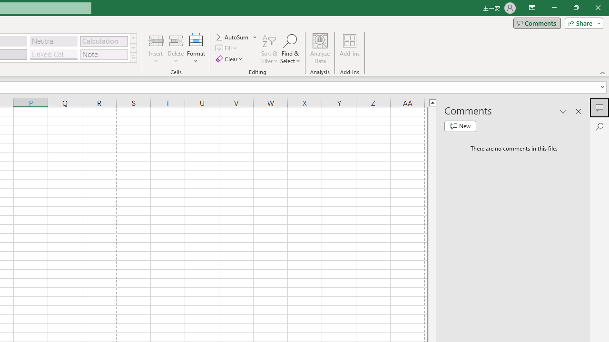  What do you see at coordinates (290, 49) in the screenshot?
I see `'Find & Select'` at bounding box center [290, 49].